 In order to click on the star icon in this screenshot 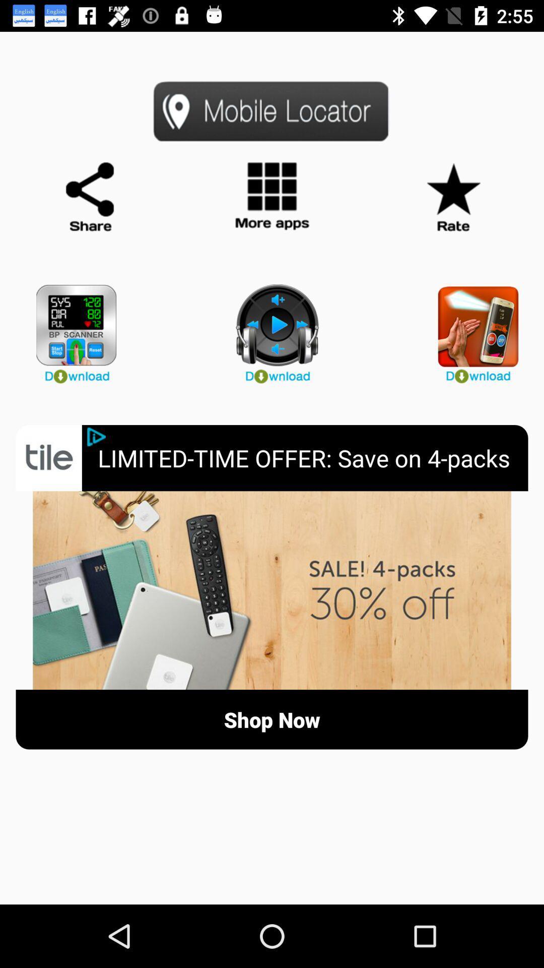, I will do `click(452, 197)`.